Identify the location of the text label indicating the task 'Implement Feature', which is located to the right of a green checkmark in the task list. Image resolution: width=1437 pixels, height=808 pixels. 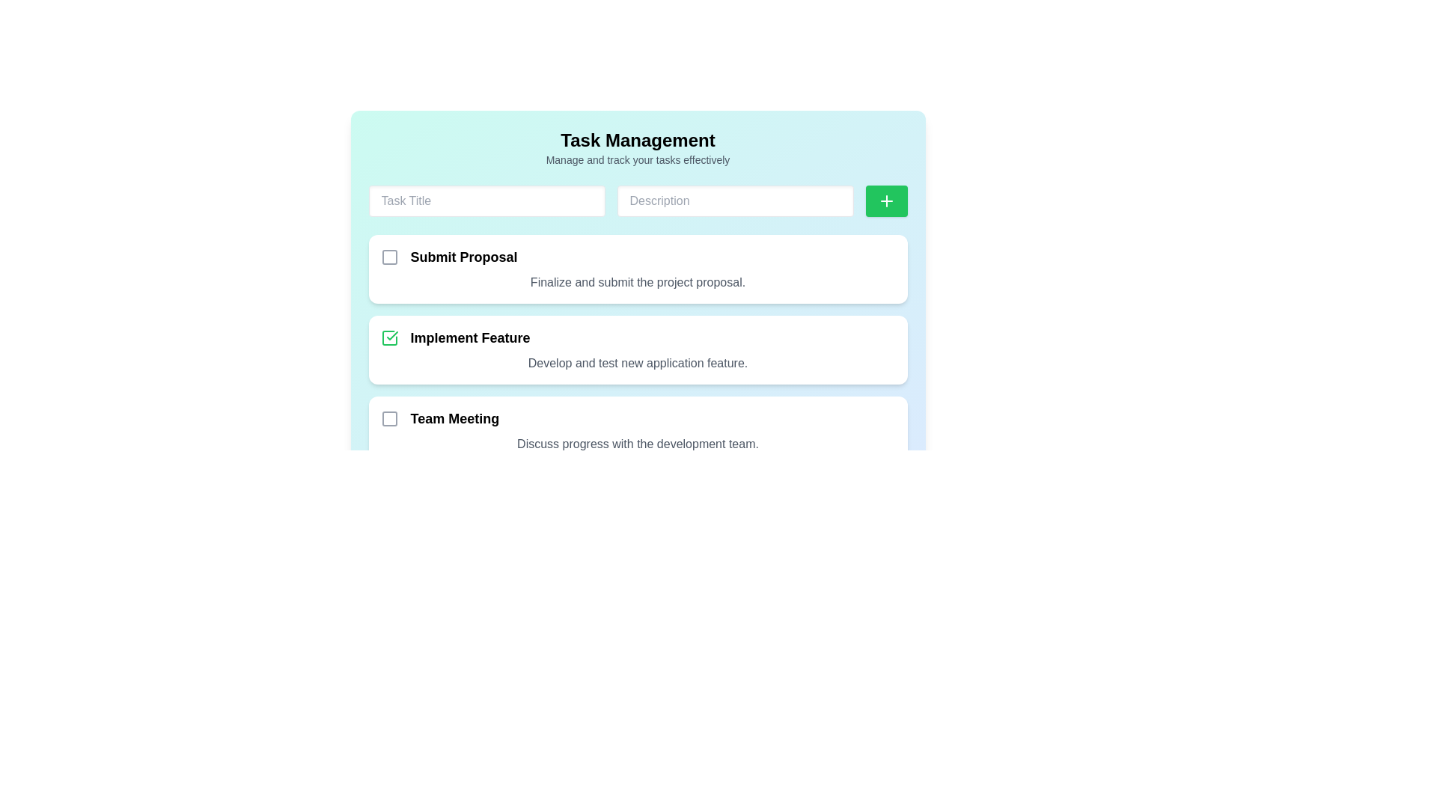
(469, 337).